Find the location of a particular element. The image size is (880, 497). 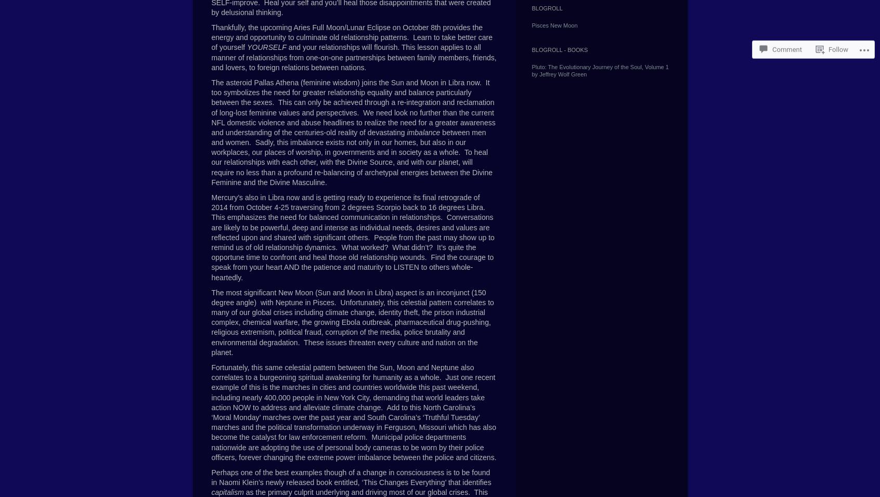

'YOURSELF' is located at coordinates (266, 47).